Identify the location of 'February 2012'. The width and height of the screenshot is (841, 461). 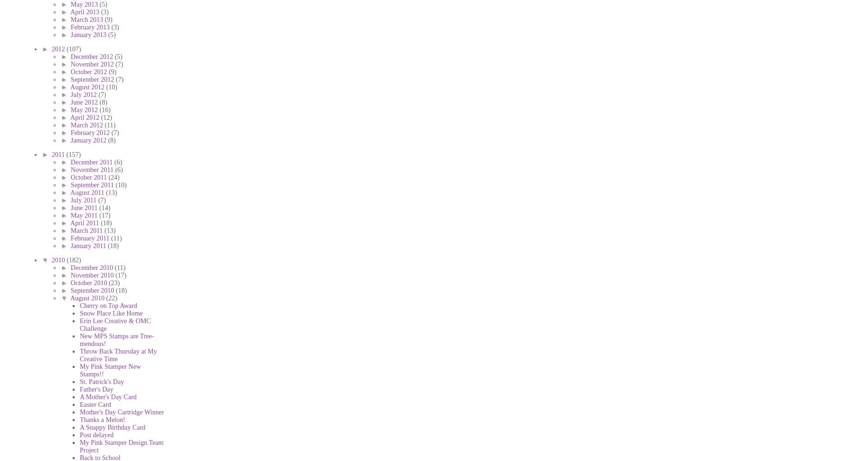
(90, 132).